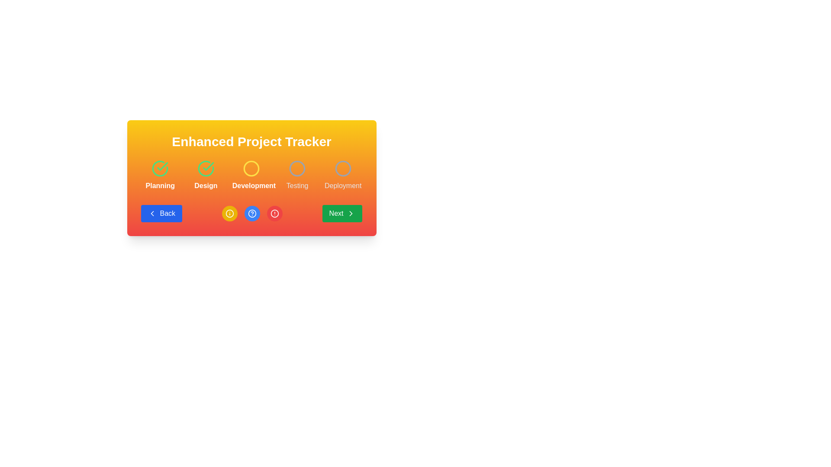  What do you see at coordinates (342, 168) in the screenshot?
I see `the SVG circle component located in the 'Deployment' section of the Enhanced Project Tracker interface, positioned at the top-right of the phase indicators` at bounding box center [342, 168].